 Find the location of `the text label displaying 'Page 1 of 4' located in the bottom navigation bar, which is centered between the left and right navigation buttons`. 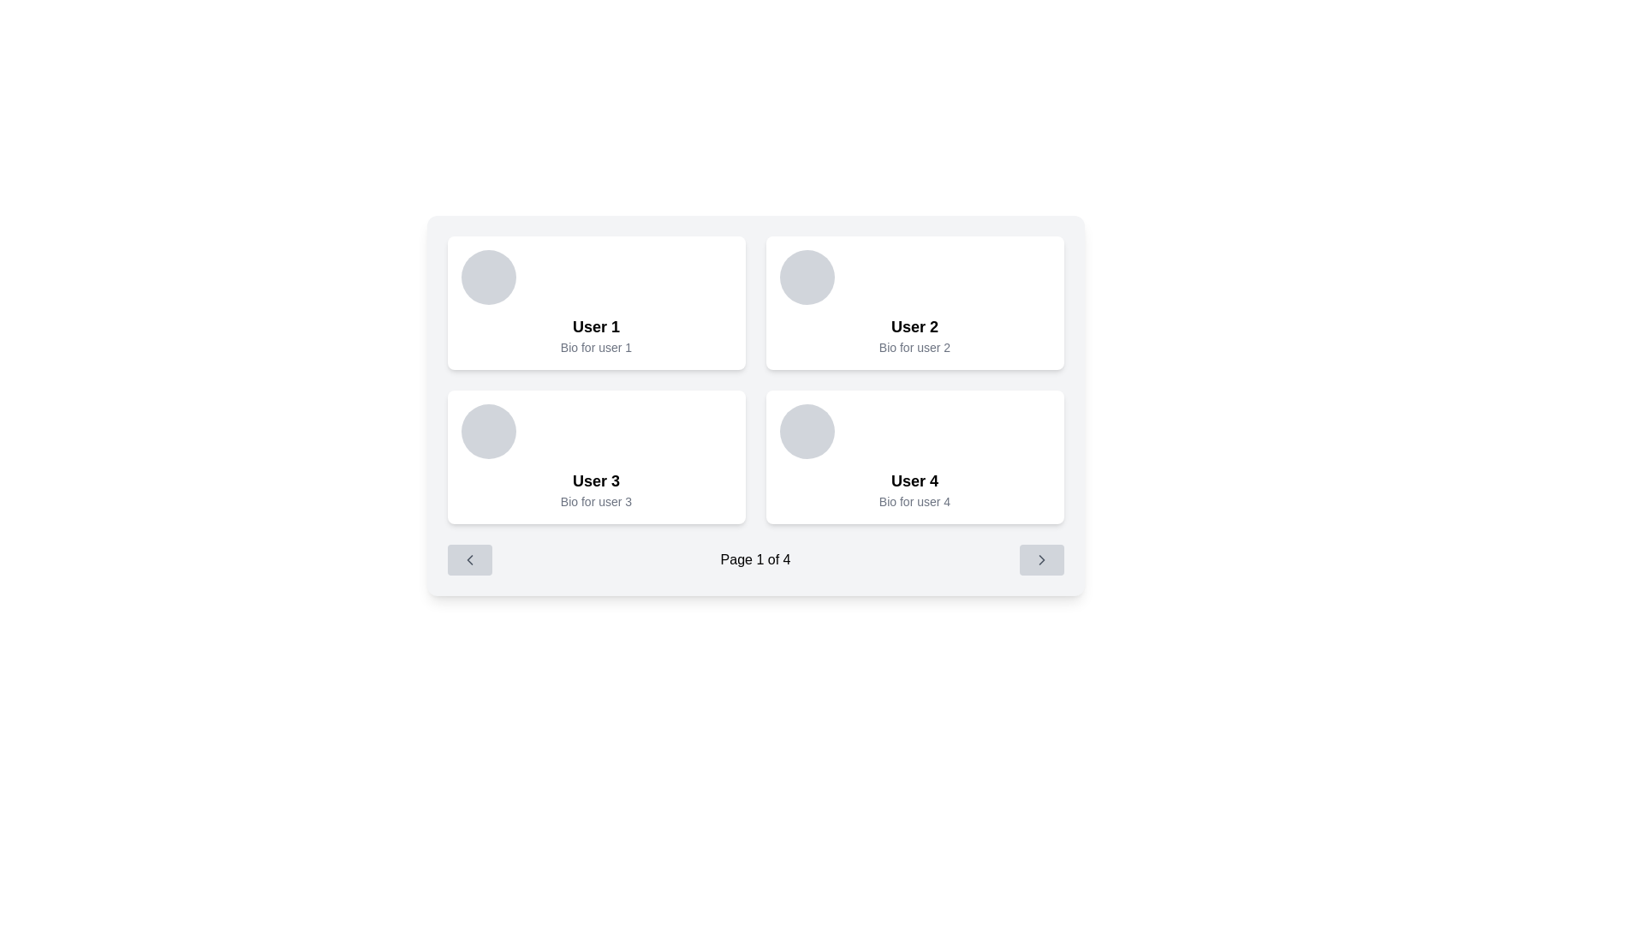

the text label displaying 'Page 1 of 4' located in the bottom navigation bar, which is centered between the left and right navigation buttons is located at coordinates (754, 560).